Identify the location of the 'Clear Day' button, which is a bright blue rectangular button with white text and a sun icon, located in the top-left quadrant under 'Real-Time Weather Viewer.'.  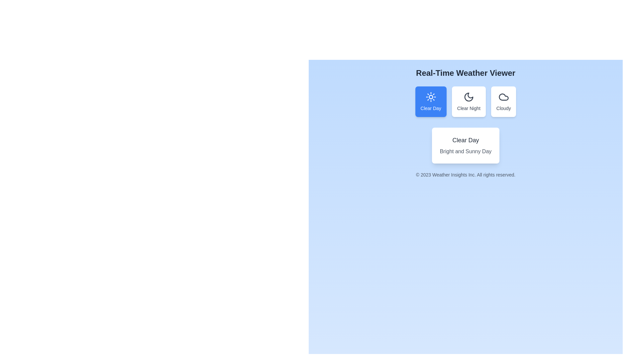
(431, 101).